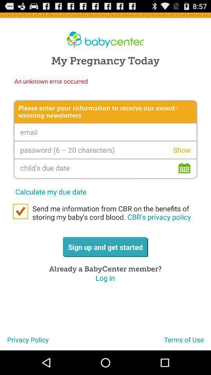 The height and width of the screenshot is (375, 211). What do you see at coordinates (113, 212) in the screenshot?
I see `the send me information` at bounding box center [113, 212].